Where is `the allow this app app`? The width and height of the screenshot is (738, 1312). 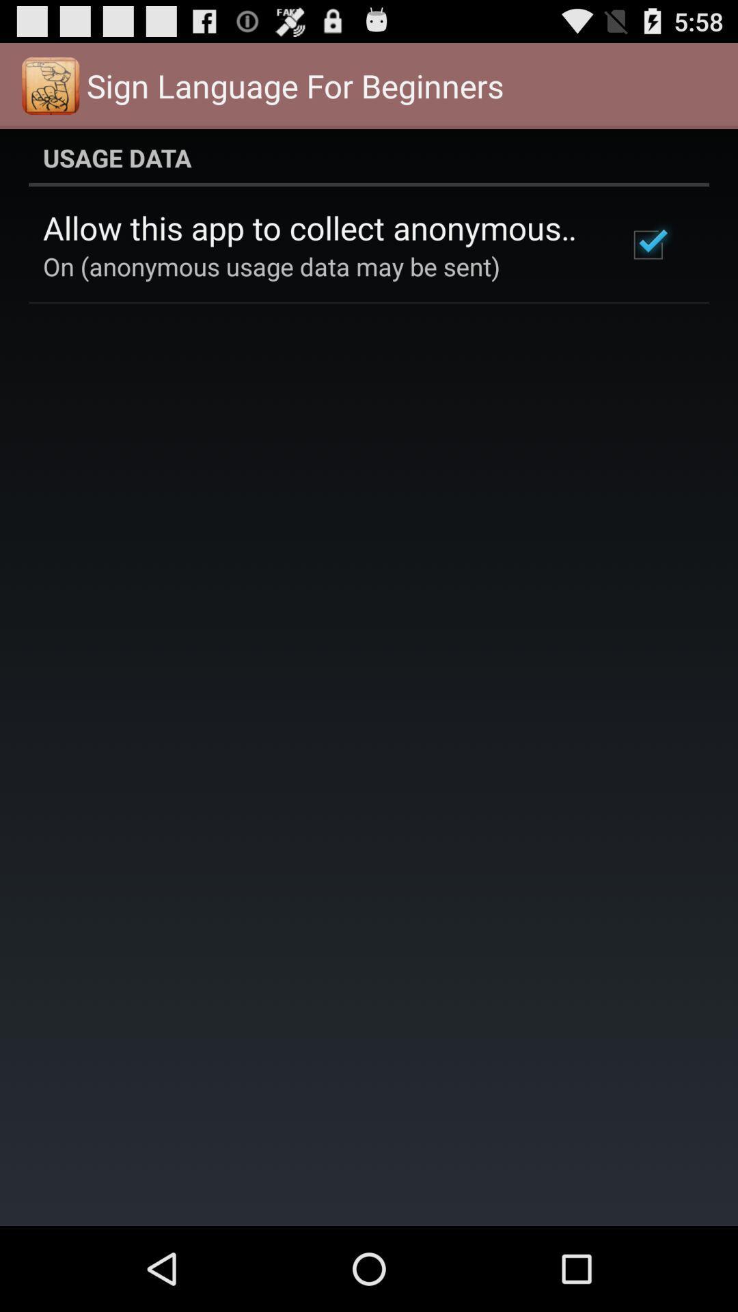 the allow this app app is located at coordinates (316, 228).